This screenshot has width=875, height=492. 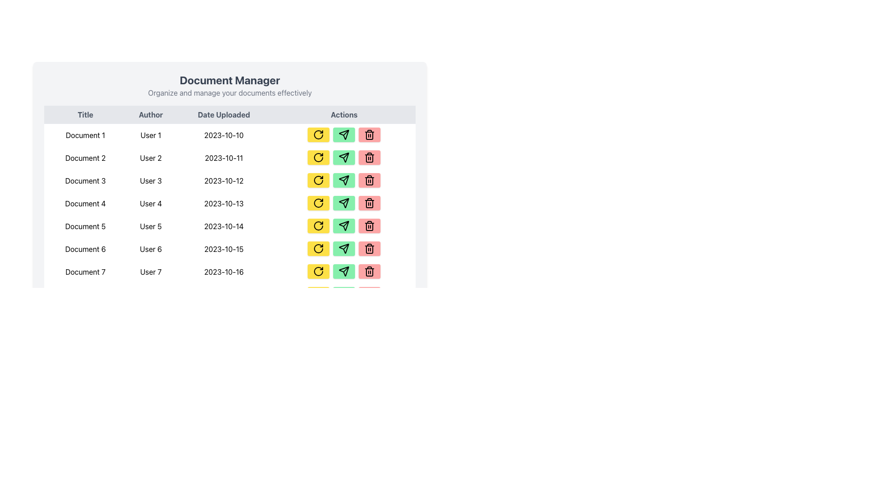 What do you see at coordinates (370, 225) in the screenshot?
I see `the delete button for 'Document 6', which is the third button in the 'Actions' column` at bounding box center [370, 225].